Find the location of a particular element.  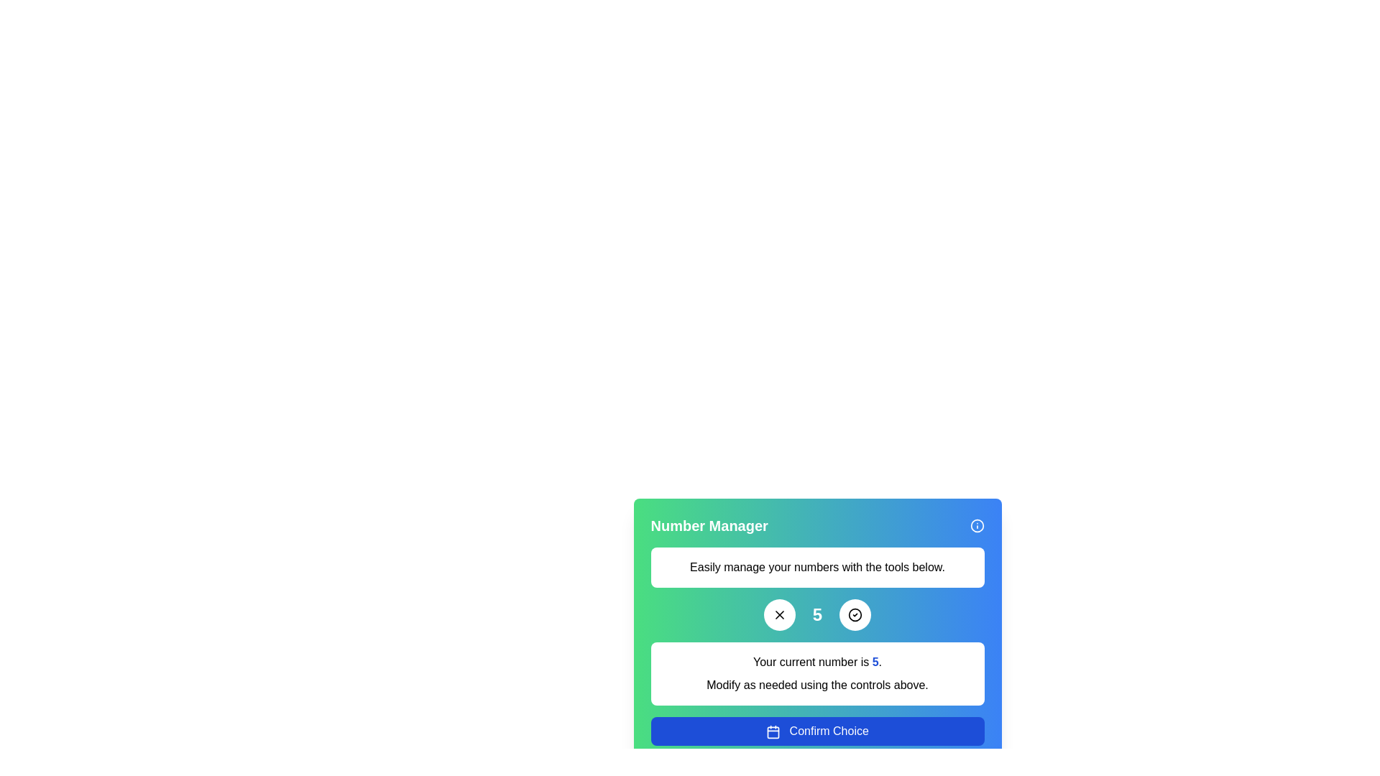

the decrement Icon button located to the left of the number '5' in the numeric control section of the dialog box is located at coordinates (778, 614).